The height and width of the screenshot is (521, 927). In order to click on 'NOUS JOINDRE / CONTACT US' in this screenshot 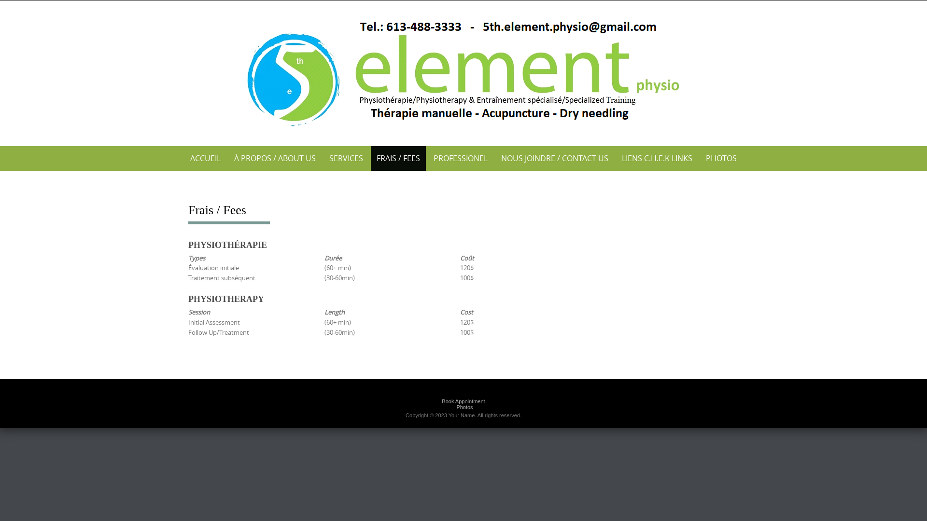, I will do `click(554, 158)`.